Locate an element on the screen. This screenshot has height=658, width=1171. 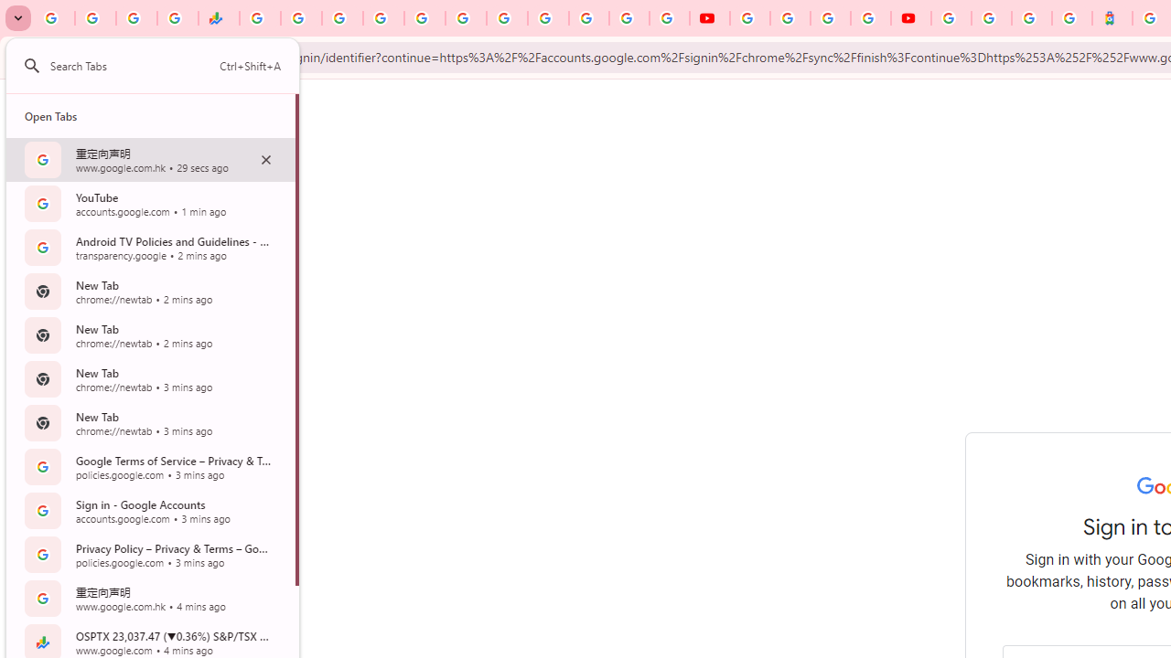
'YouTube' is located at coordinates (749, 18).